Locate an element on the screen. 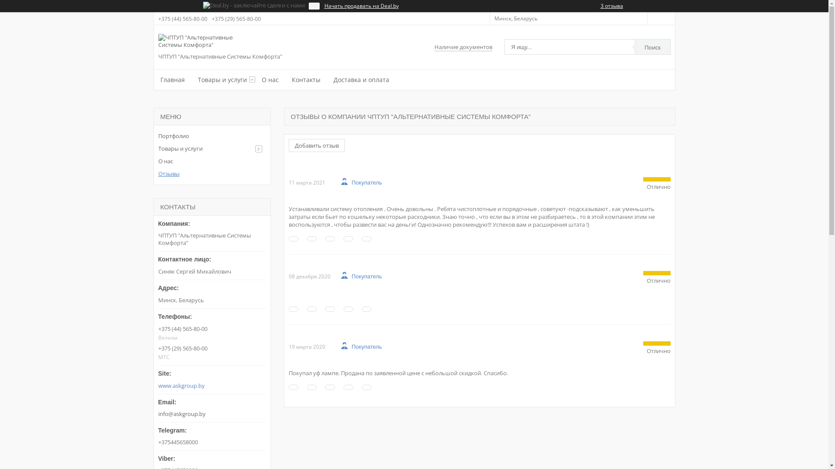 This screenshot has width=835, height=469. 'info@askgroup.by' is located at coordinates (212, 406).